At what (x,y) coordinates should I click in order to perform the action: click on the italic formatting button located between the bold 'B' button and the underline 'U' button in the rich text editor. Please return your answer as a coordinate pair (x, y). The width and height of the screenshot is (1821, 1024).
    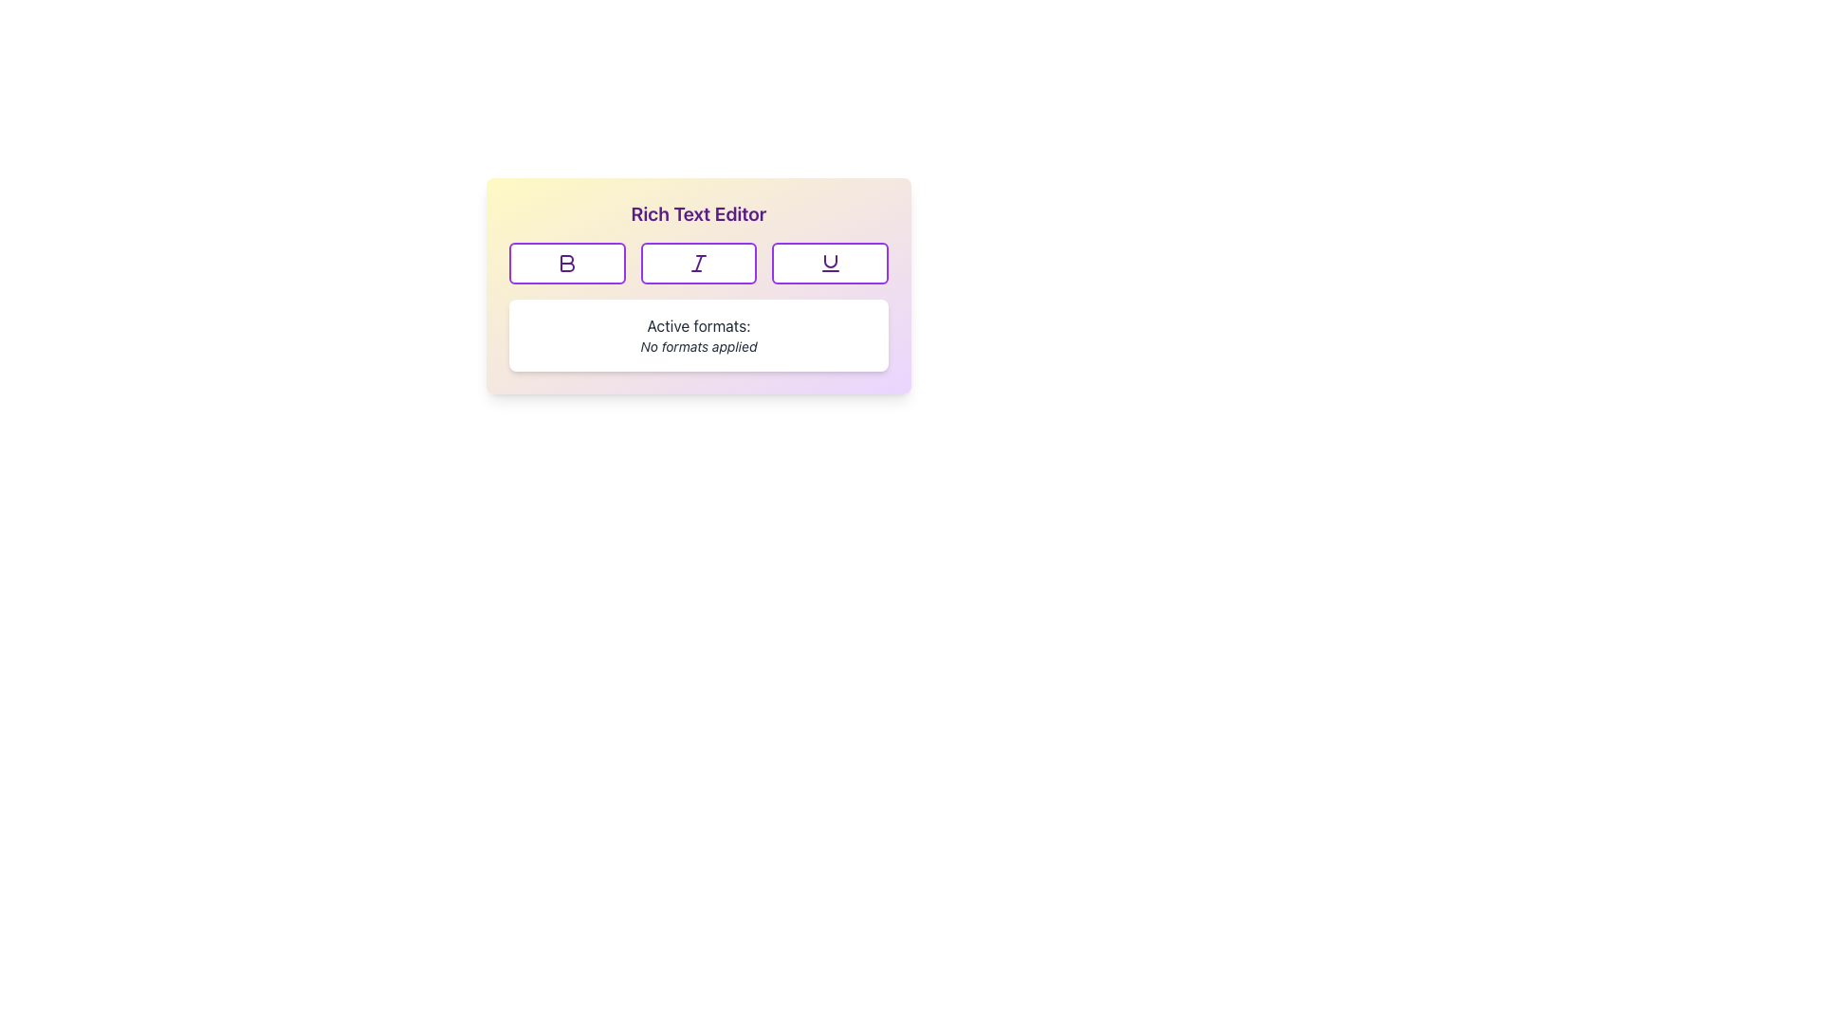
    Looking at the image, I should click on (697, 263).